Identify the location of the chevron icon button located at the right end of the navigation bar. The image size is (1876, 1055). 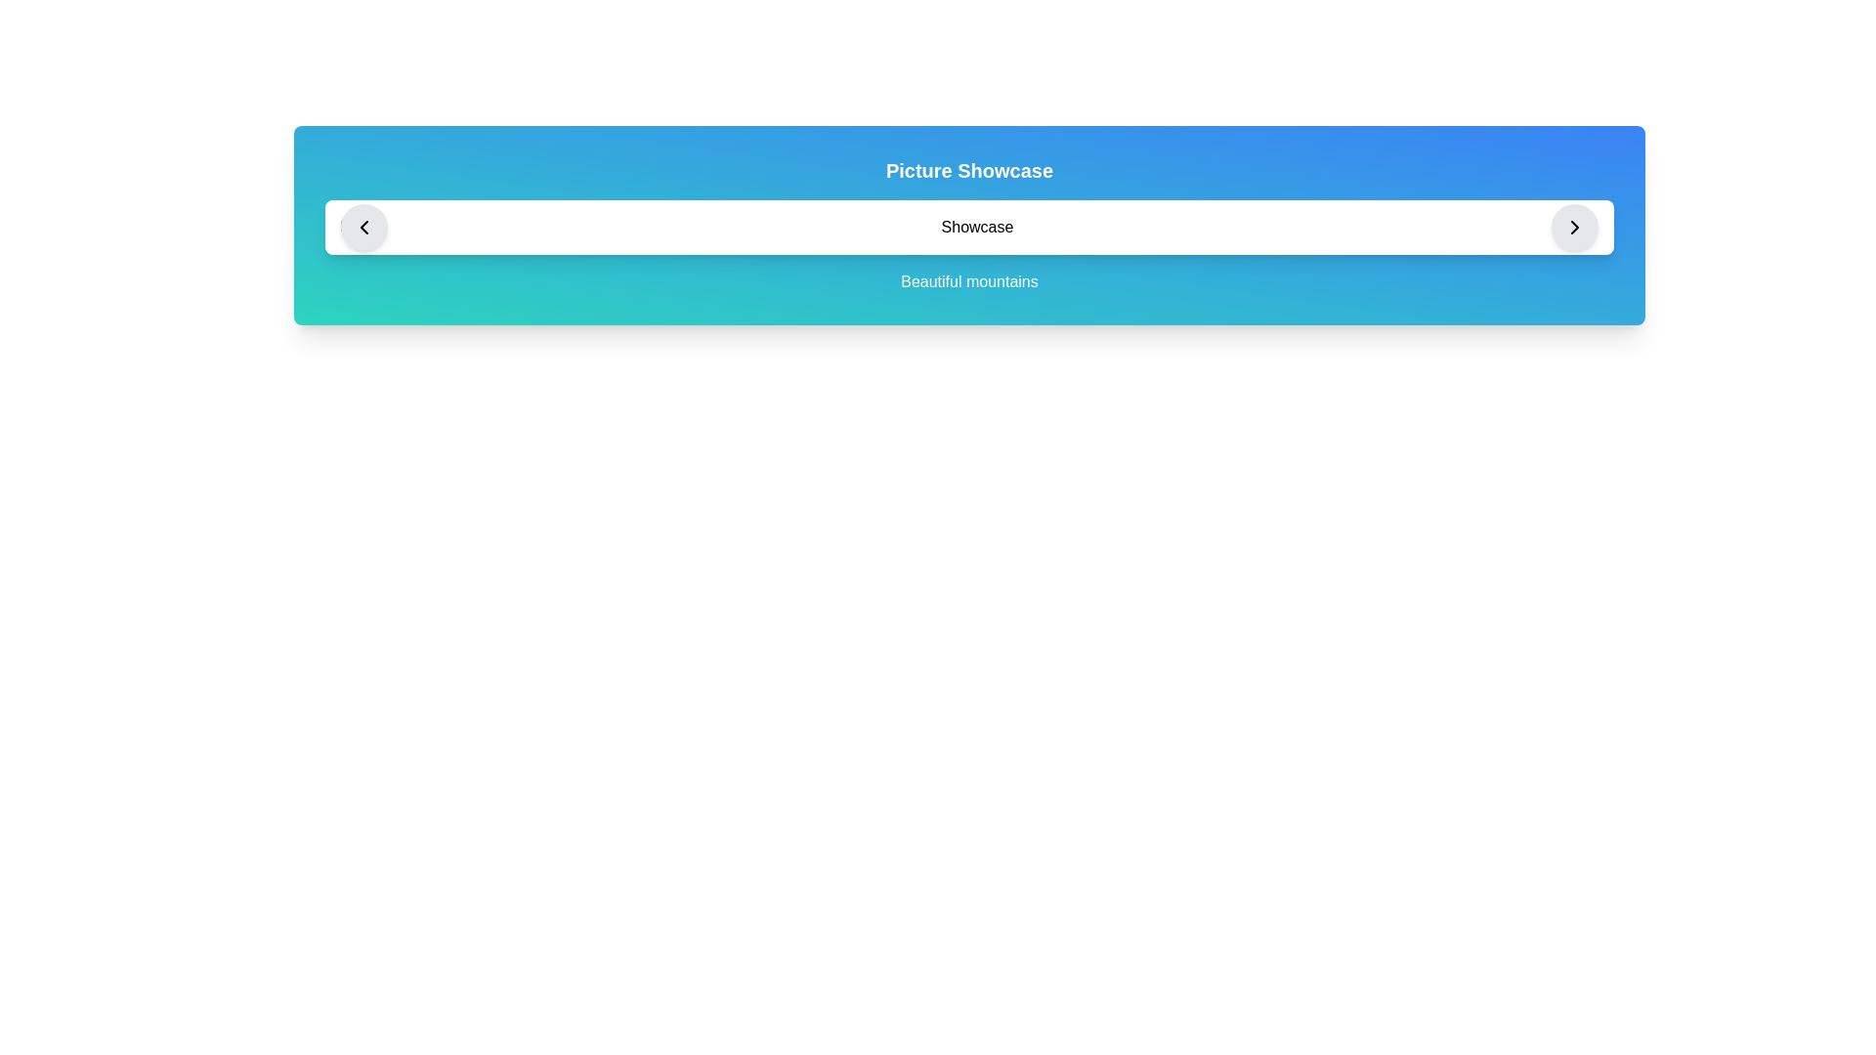
(1575, 226).